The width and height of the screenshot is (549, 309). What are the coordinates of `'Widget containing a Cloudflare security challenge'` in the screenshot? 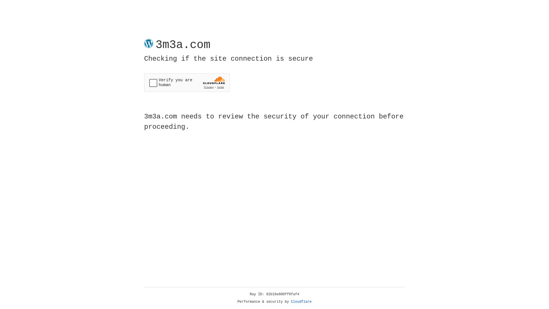 It's located at (187, 82).